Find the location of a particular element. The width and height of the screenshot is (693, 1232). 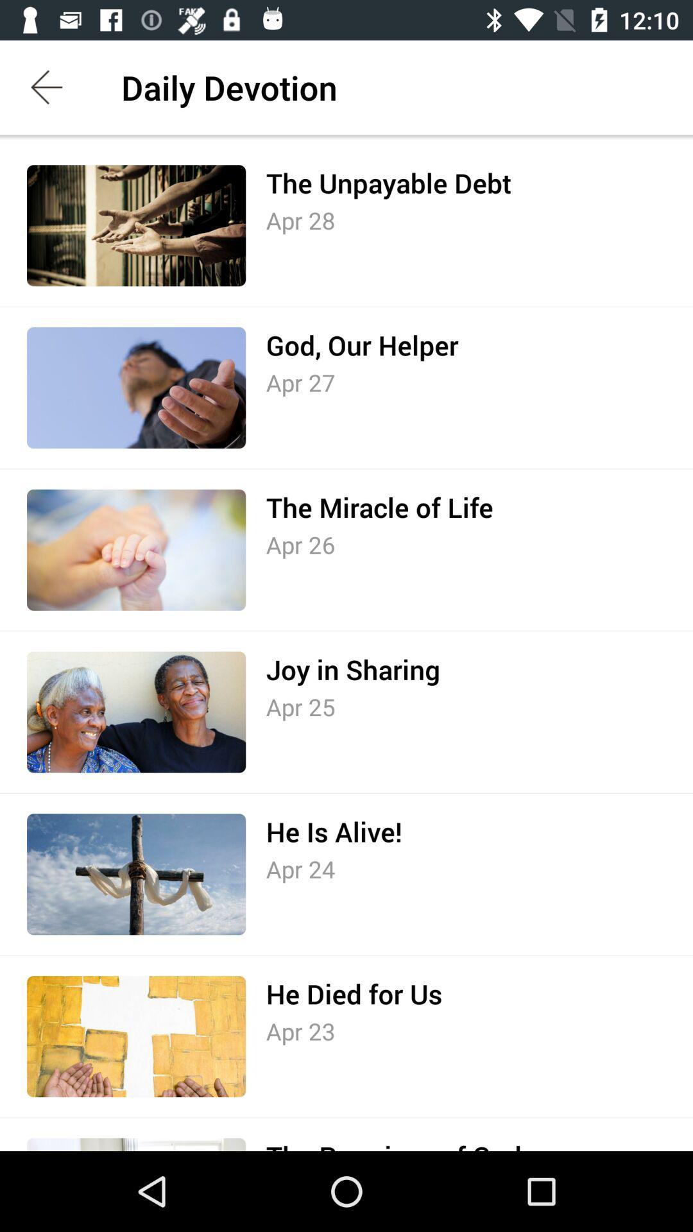

fourth image is located at coordinates (136, 712).